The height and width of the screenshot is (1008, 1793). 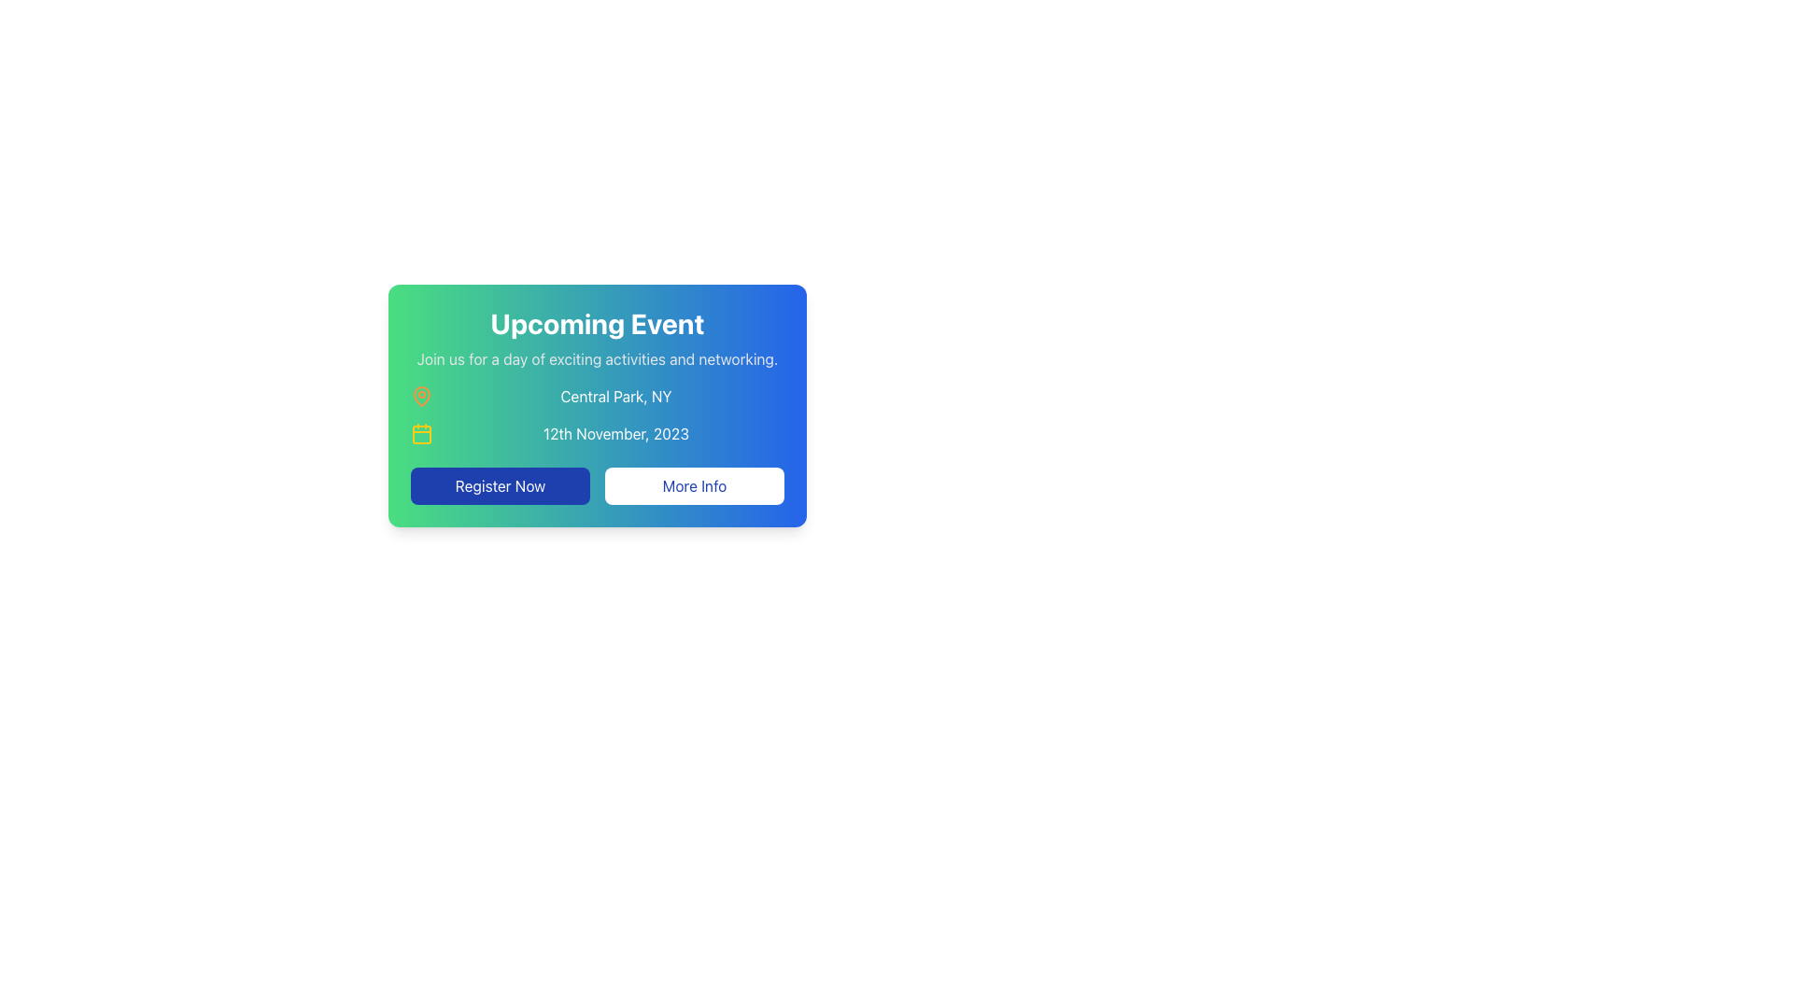 I want to click on the static text label that serves as a title or heading for the event being advertised, located at the top part of the rectangular card interface, so click(x=596, y=323).